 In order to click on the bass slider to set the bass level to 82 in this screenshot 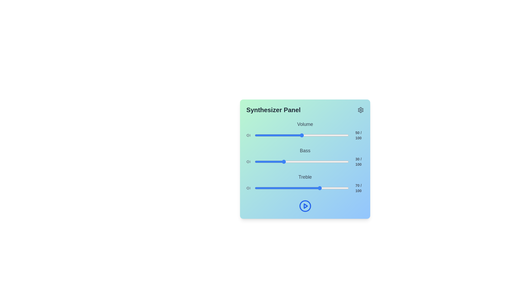, I will do `click(332, 161)`.